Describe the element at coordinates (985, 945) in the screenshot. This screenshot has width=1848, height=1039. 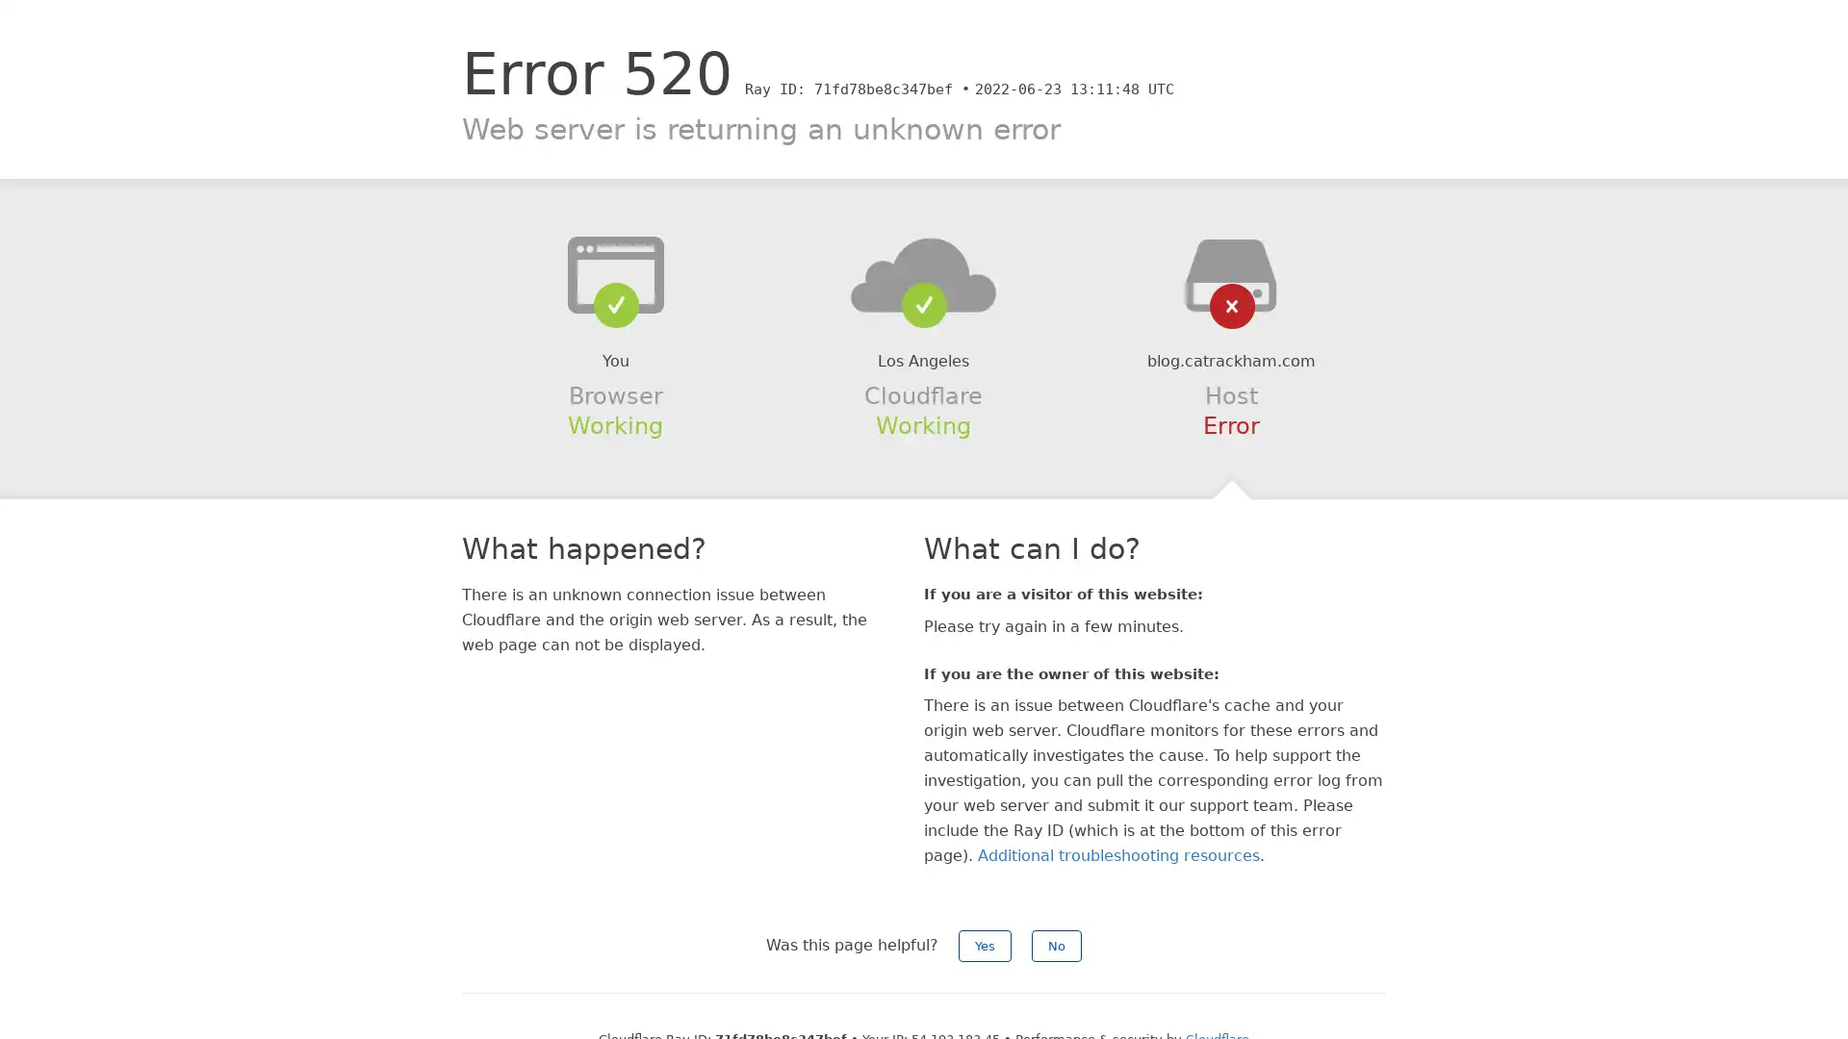
I see `Yes` at that location.